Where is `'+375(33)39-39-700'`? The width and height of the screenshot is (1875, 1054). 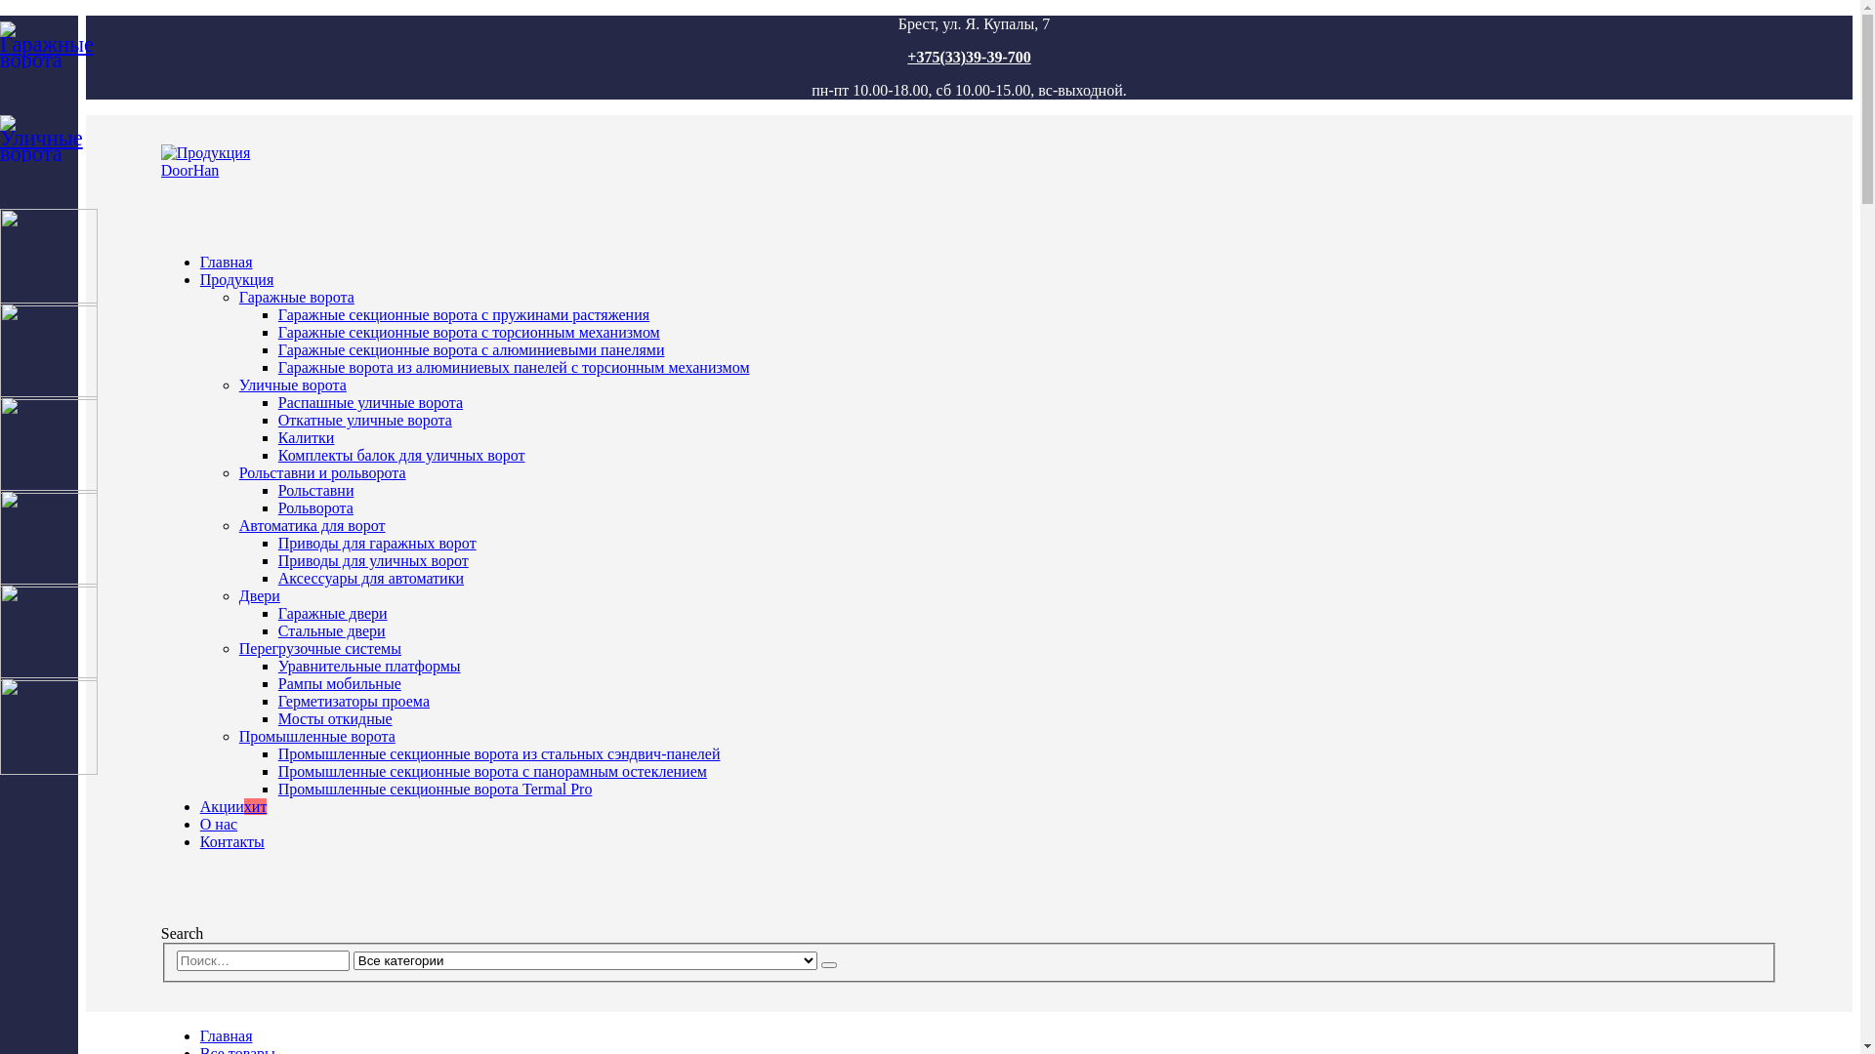
'+375(33)39-39-700' is located at coordinates (969, 56).